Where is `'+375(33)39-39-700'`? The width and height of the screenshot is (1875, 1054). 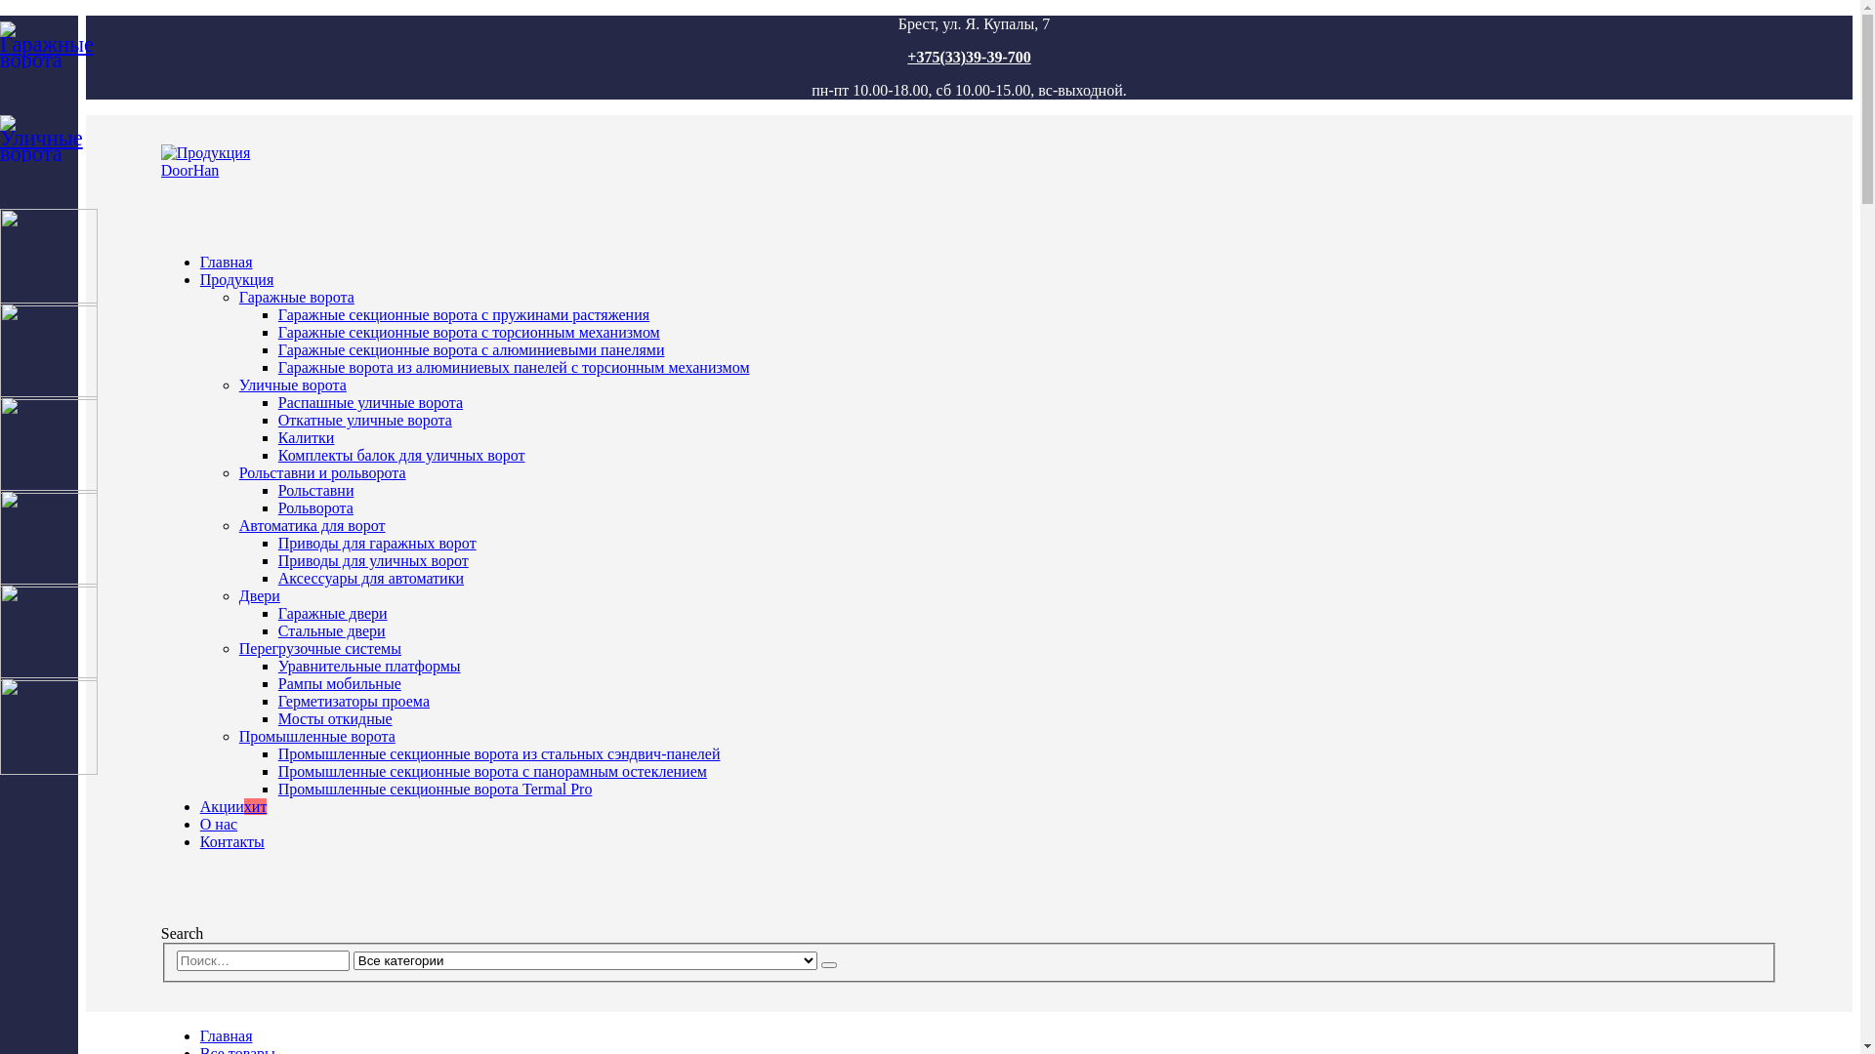
'+375(33)39-39-700' is located at coordinates (969, 56).